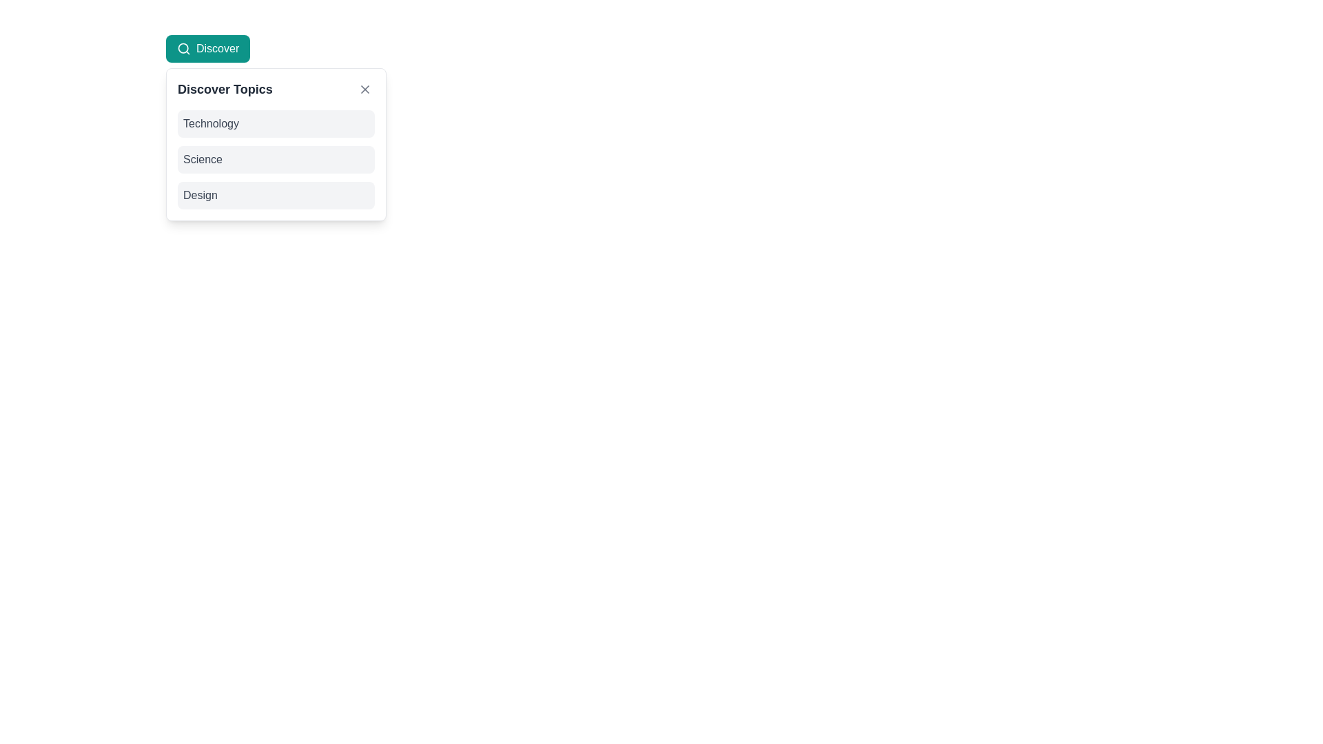 The image size is (1323, 744). Describe the element at coordinates (207, 48) in the screenshot. I see `the teal button labeled 'Discover' with a search icon` at that location.